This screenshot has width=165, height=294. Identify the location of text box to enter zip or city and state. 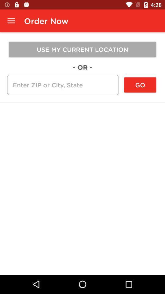
(62, 85).